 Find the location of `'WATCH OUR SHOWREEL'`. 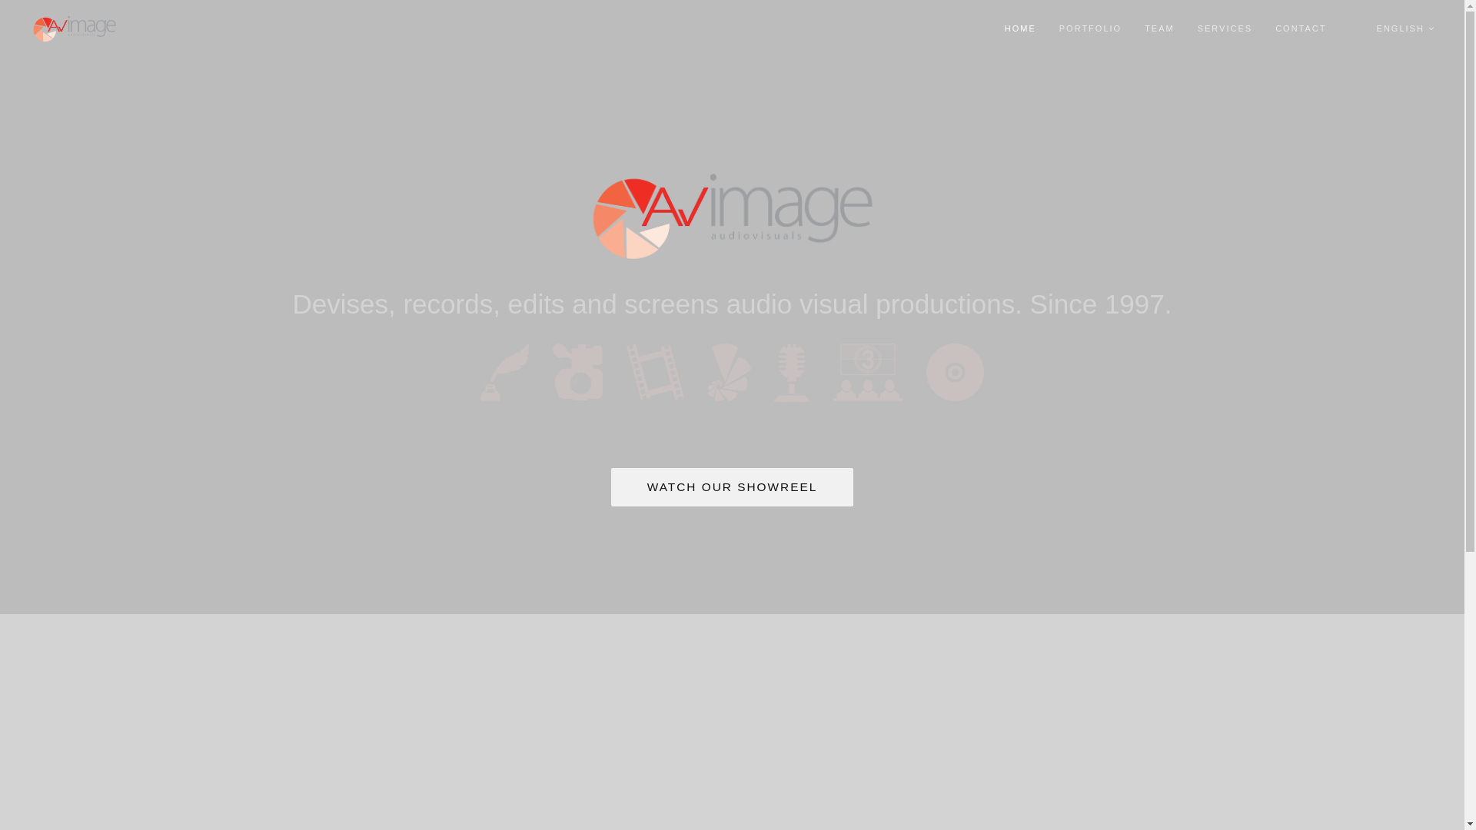

'WATCH OUR SHOWREEL' is located at coordinates (732, 486).